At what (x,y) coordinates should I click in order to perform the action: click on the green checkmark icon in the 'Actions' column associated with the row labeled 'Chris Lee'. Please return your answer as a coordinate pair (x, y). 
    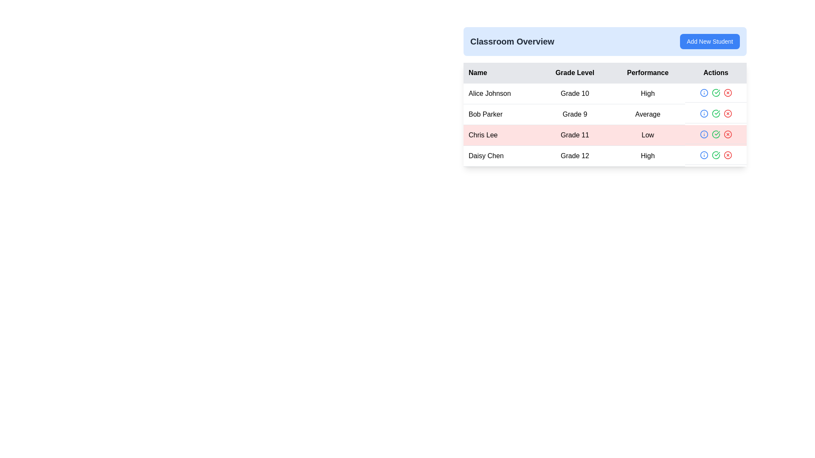
    Looking at the image, I should click on (715, 134).